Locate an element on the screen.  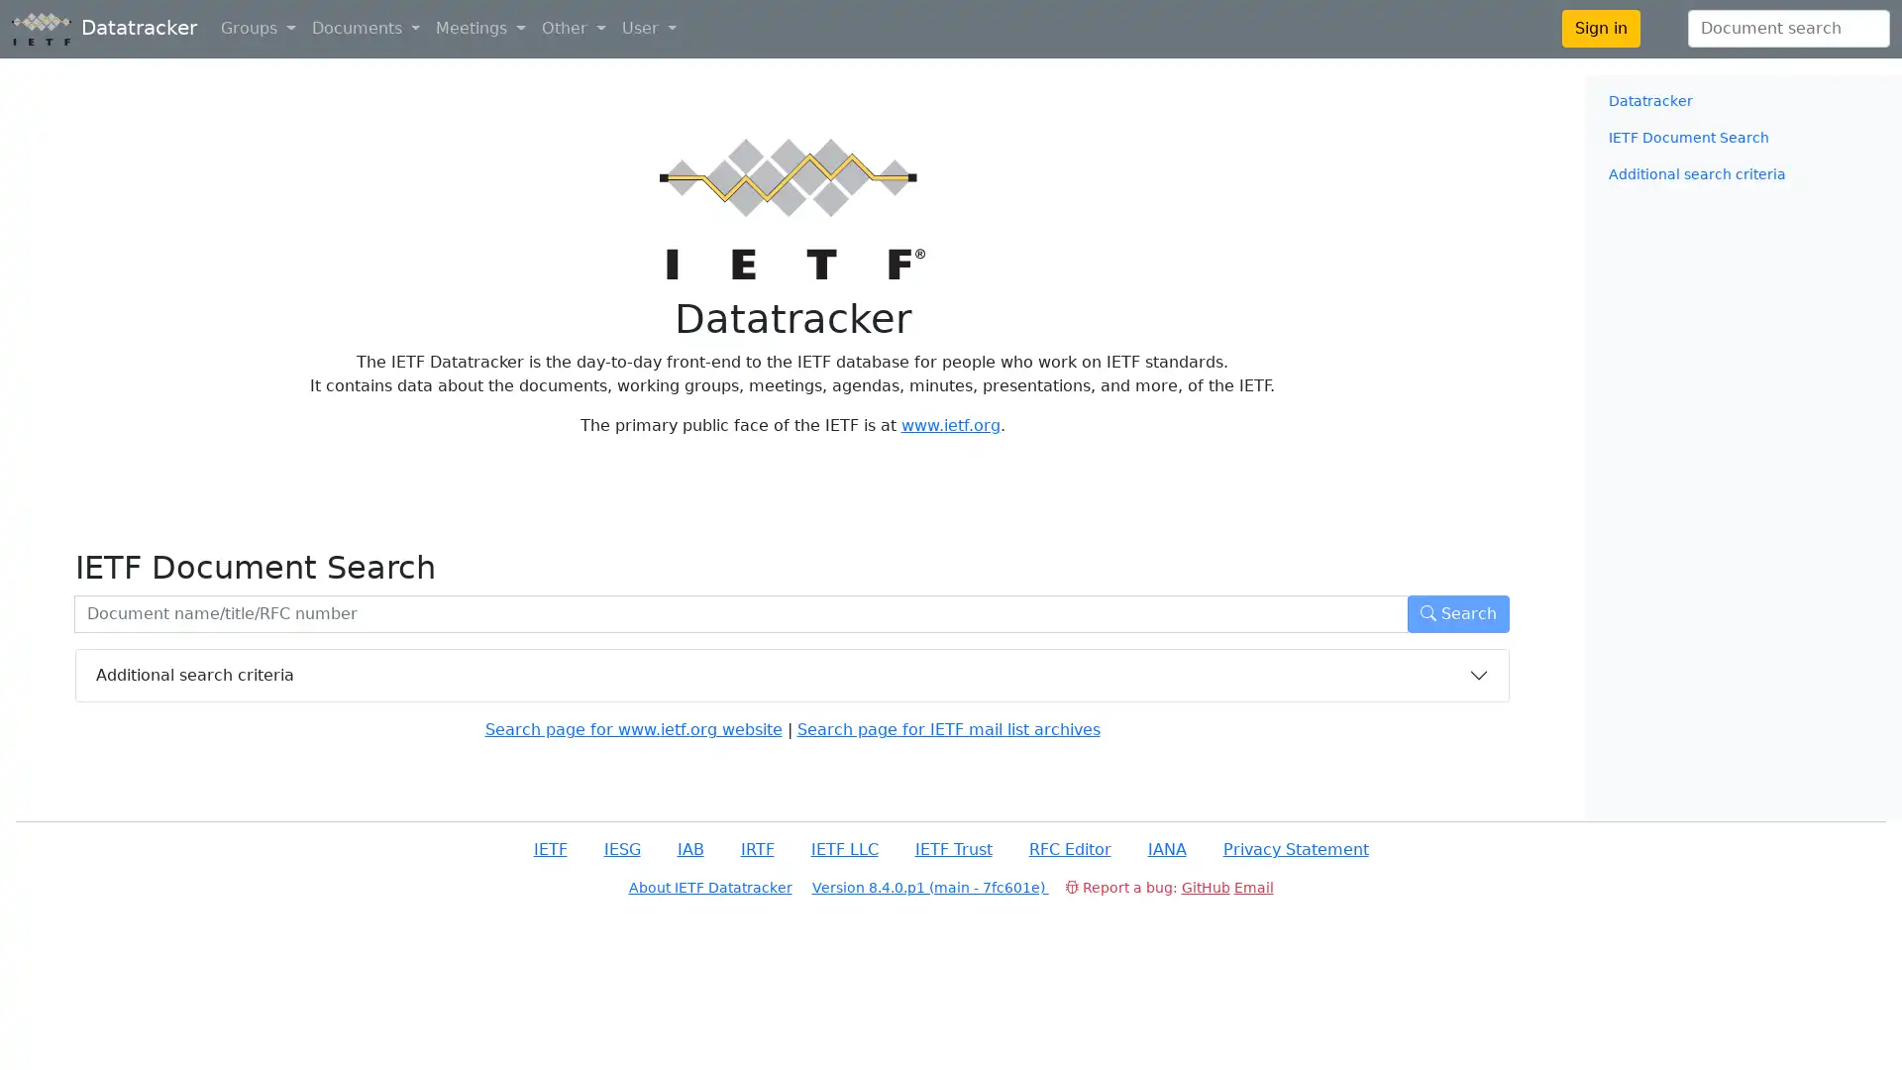
Groups is located at coordinates (257, 29).